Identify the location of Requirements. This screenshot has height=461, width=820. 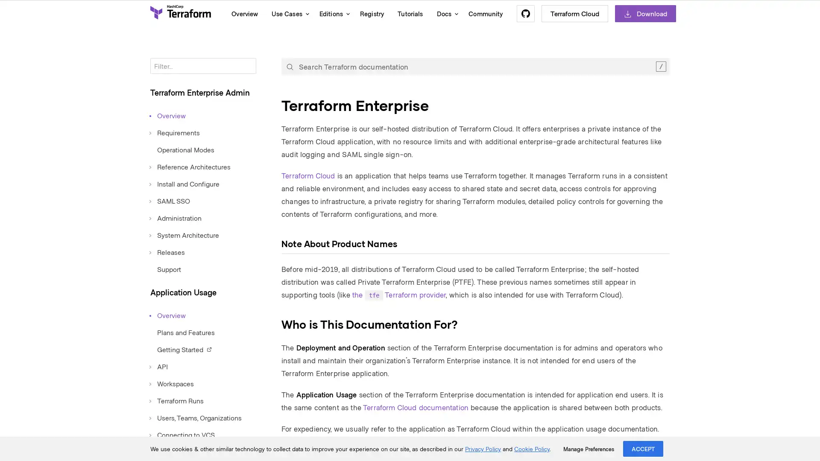
(174, 132).